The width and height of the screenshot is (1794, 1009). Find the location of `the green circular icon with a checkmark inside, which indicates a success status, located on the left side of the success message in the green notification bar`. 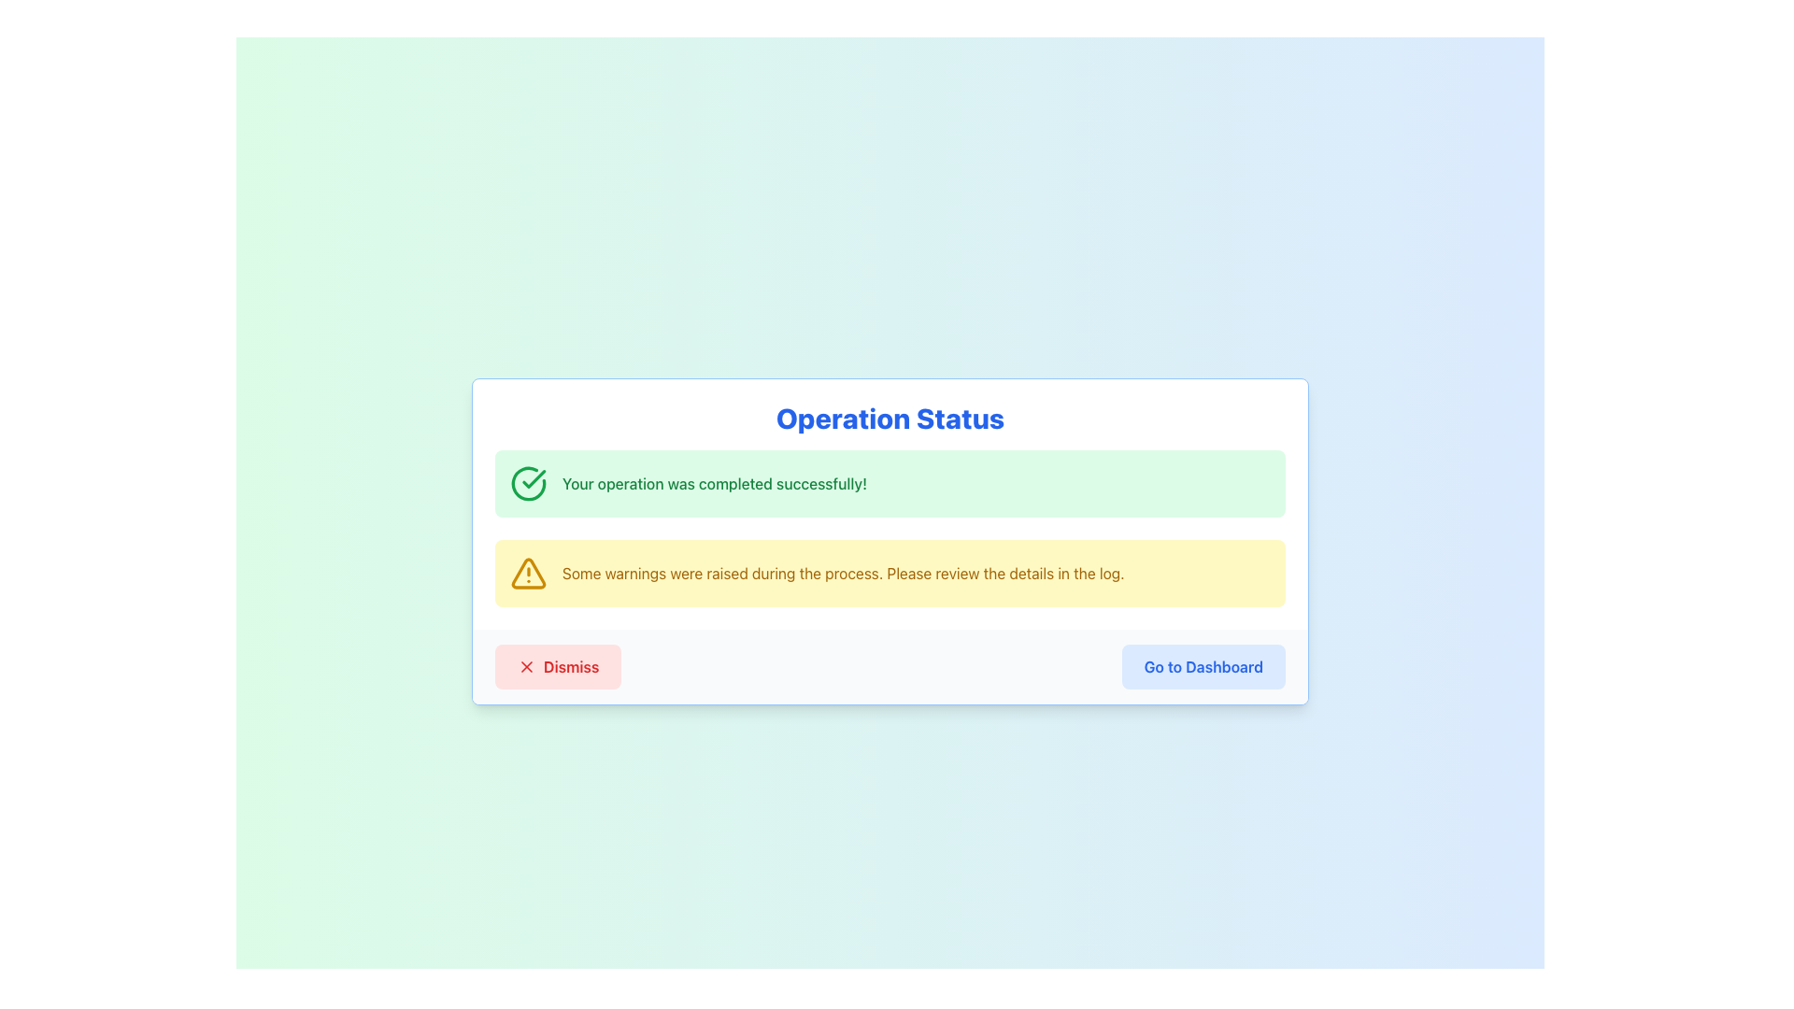

the green circular icon with a checkmark inside, which indicates a success status, located on the left side of the success message in the green notification bar is located at coordinates (528, 482).